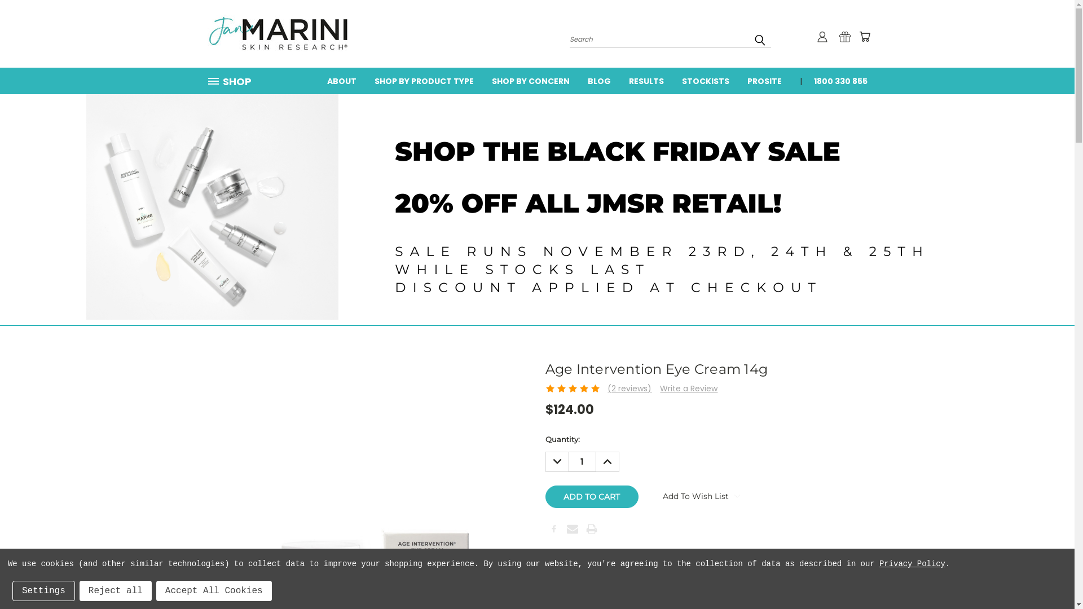  What do you see at coordinates (341, 80) in the screenshot?
I see `'ABOUT'` at bounding box center [341, 80].